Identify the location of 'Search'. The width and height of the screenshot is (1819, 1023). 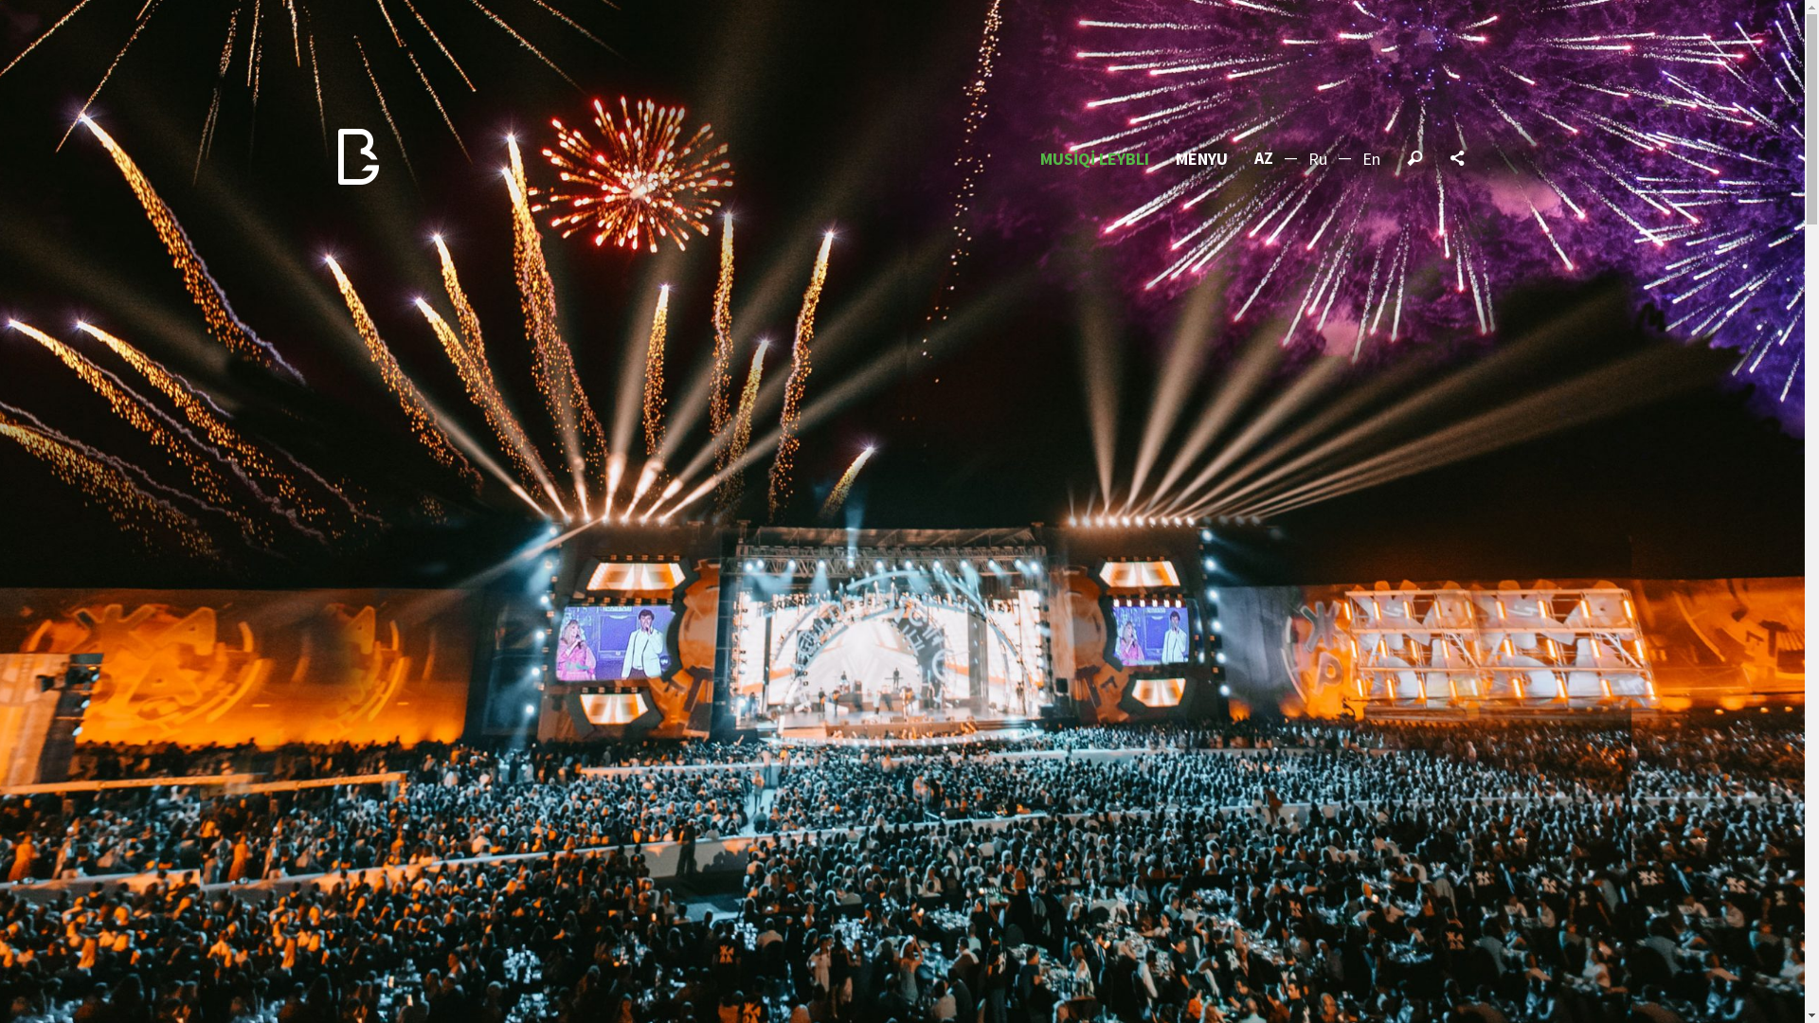
(1405, 157).